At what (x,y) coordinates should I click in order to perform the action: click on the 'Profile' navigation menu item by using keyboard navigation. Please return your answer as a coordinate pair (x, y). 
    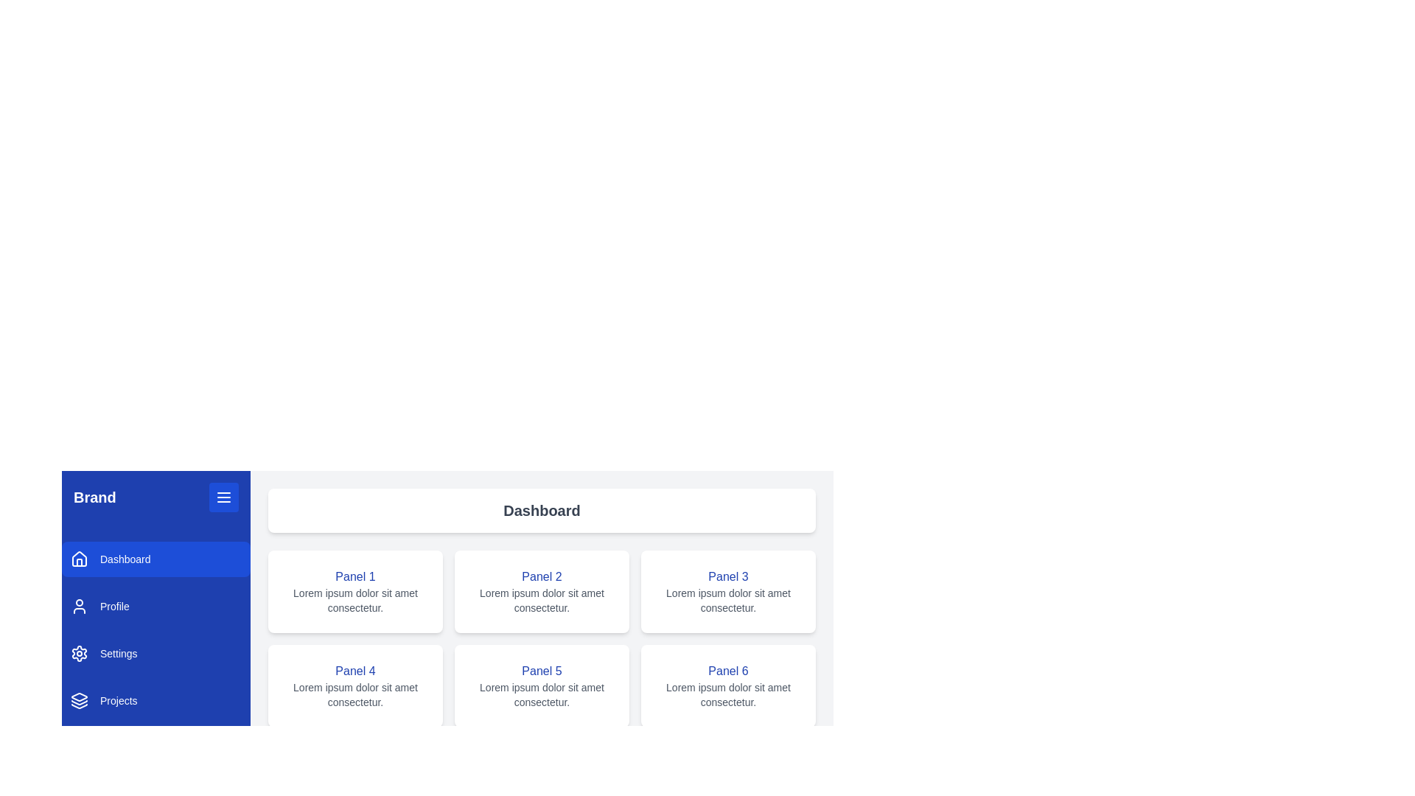
    Looking at the image, I should click on (156, 606).